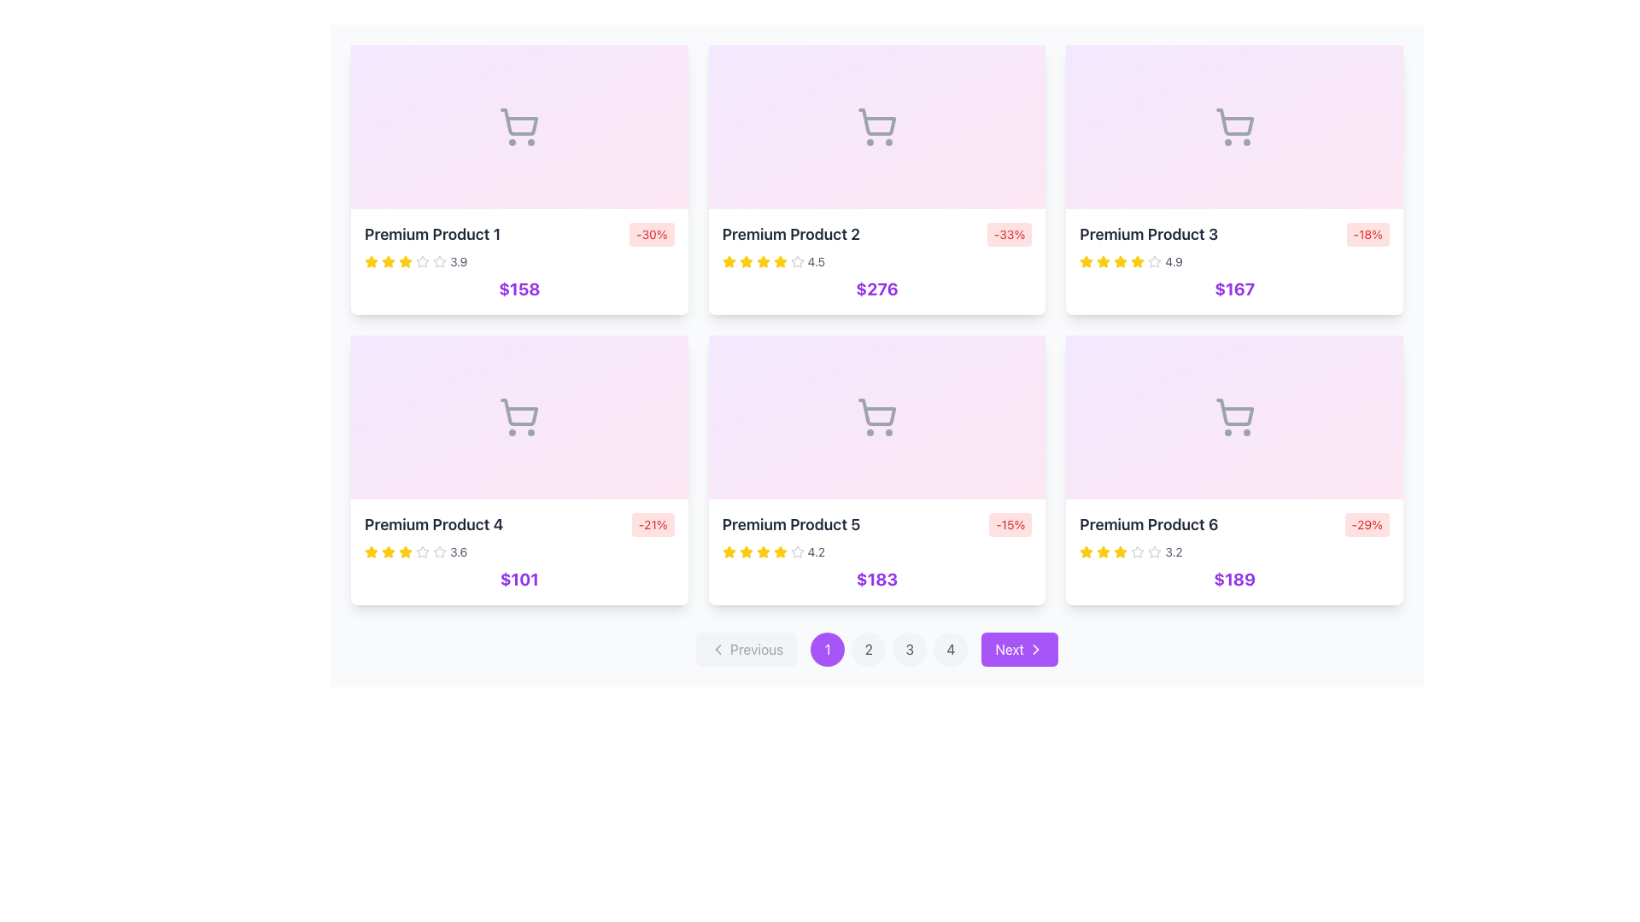  Describe the element at coordinates (877, 126) in the screenshot. I see `the graphical placeholder representing 'Premium Product 2', which features a faded gradient background from purple to pink and a gray shopping cart icon in the center` at that location.